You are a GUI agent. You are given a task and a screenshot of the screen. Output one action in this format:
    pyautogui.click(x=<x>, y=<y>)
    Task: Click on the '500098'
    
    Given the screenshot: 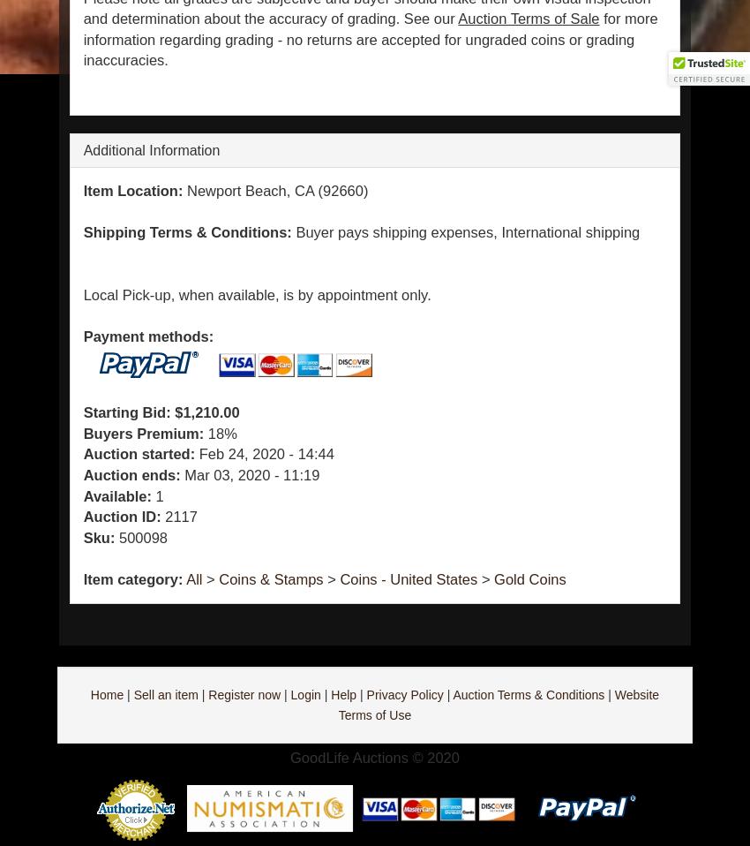 What is the action you would take?
    pyautogui.click(x=140, y=537)
    